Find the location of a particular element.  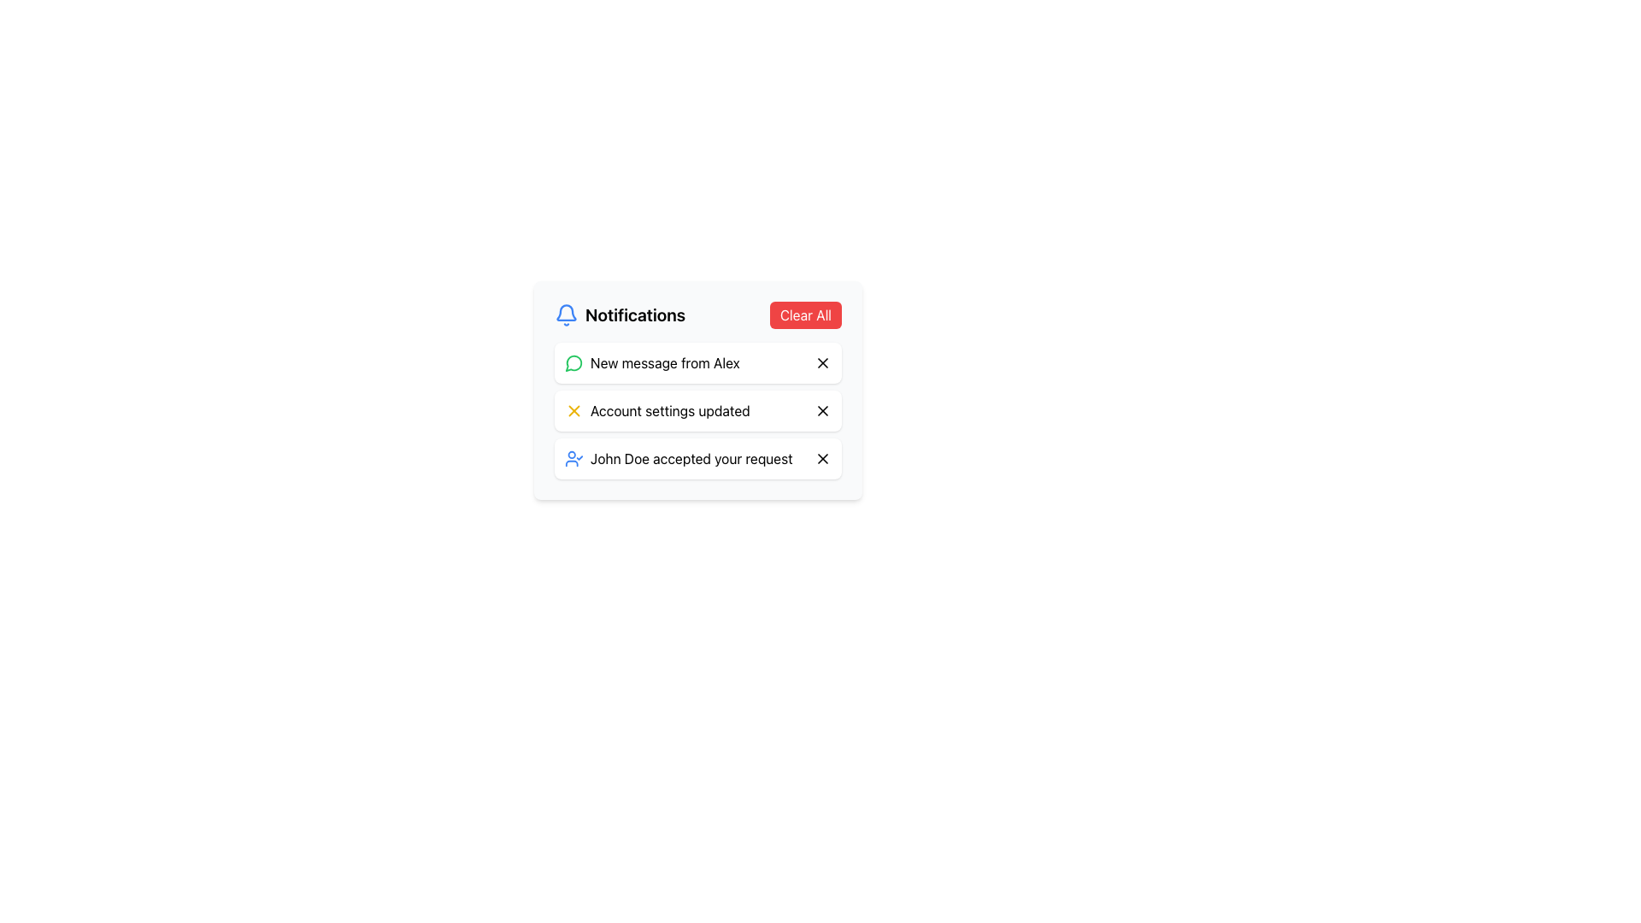

the button located to the far right of the third notification entry that indicates 'John Doe accepted your request' to change the icon color is located at coordinates (823, 457).